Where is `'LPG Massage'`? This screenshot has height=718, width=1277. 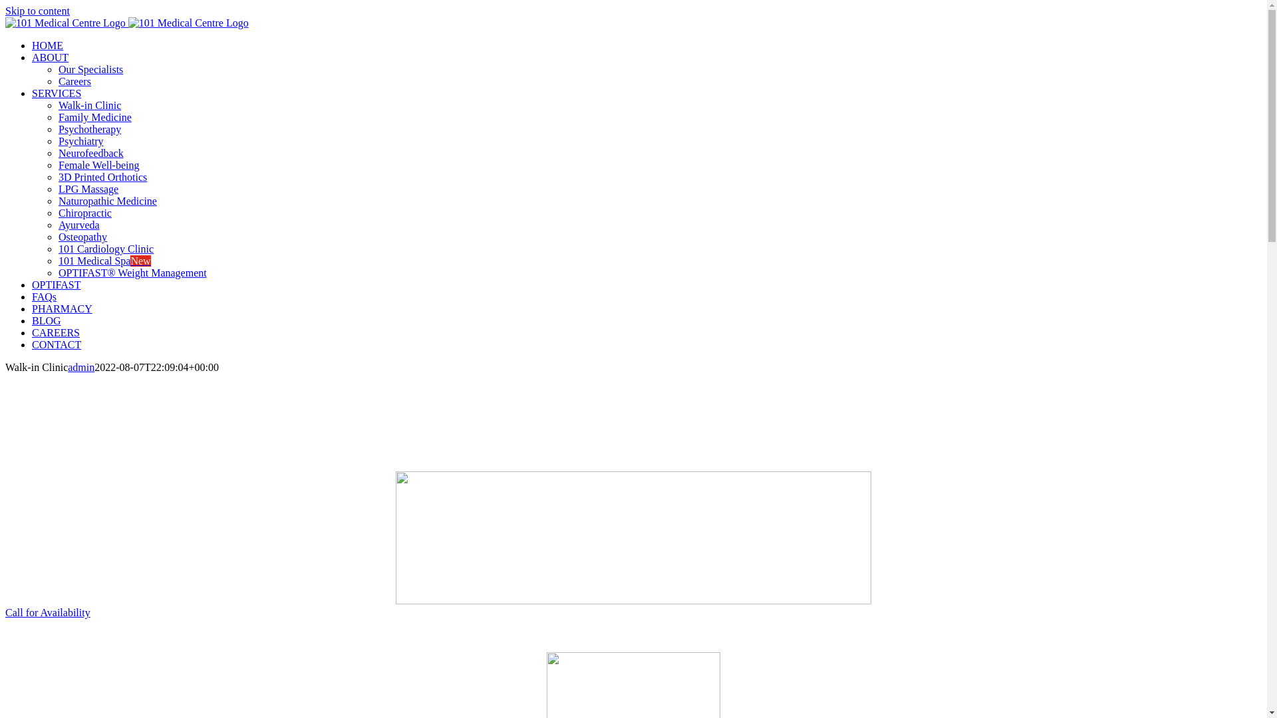
'LPG Massage' is located at coordinates (57, 189).